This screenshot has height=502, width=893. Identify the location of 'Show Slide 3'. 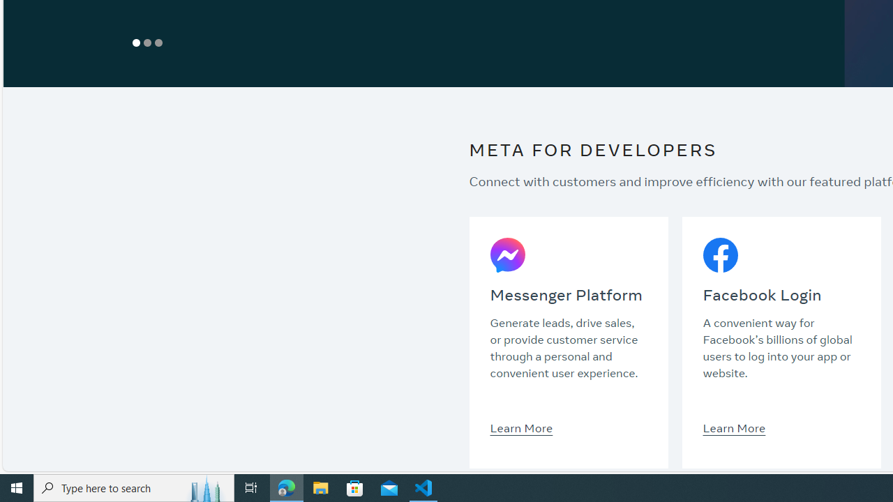
(158, 42).